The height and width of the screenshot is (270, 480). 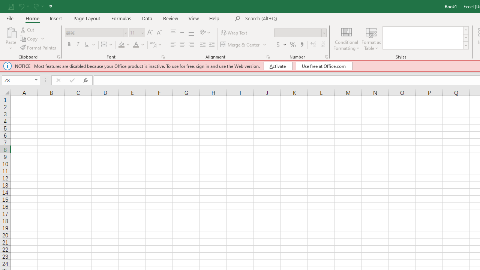 What do you see at coordinates (277, 66) in the screenshot?
I see `'Activate'` at bounding box center [277, 66].